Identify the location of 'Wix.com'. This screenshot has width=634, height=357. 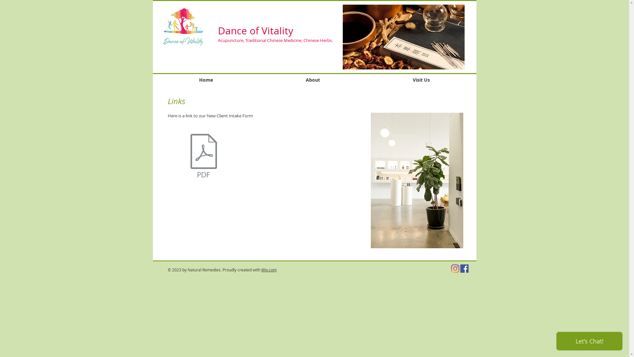
(261, 270).